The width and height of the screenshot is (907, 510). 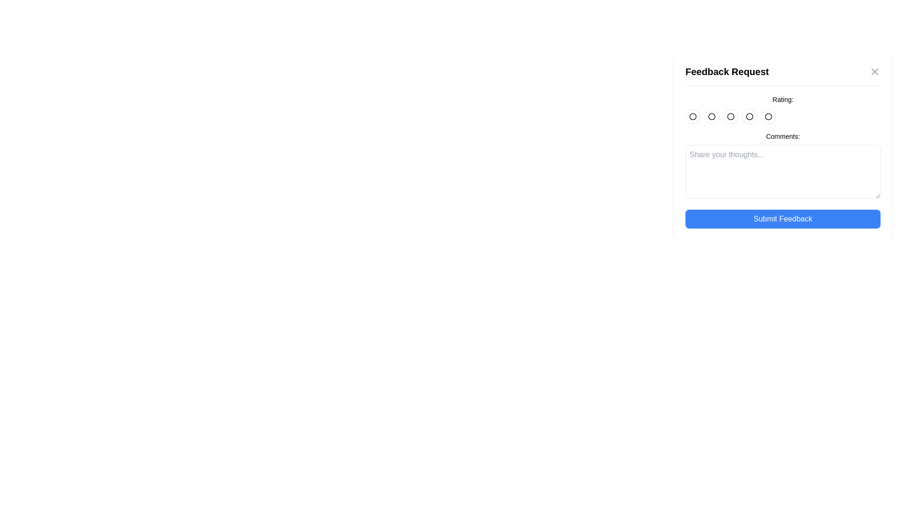 I want to click on the first radio button in the 'Rating' section of the 'Feedback Request' dialog box, so click(x=693, y=116).